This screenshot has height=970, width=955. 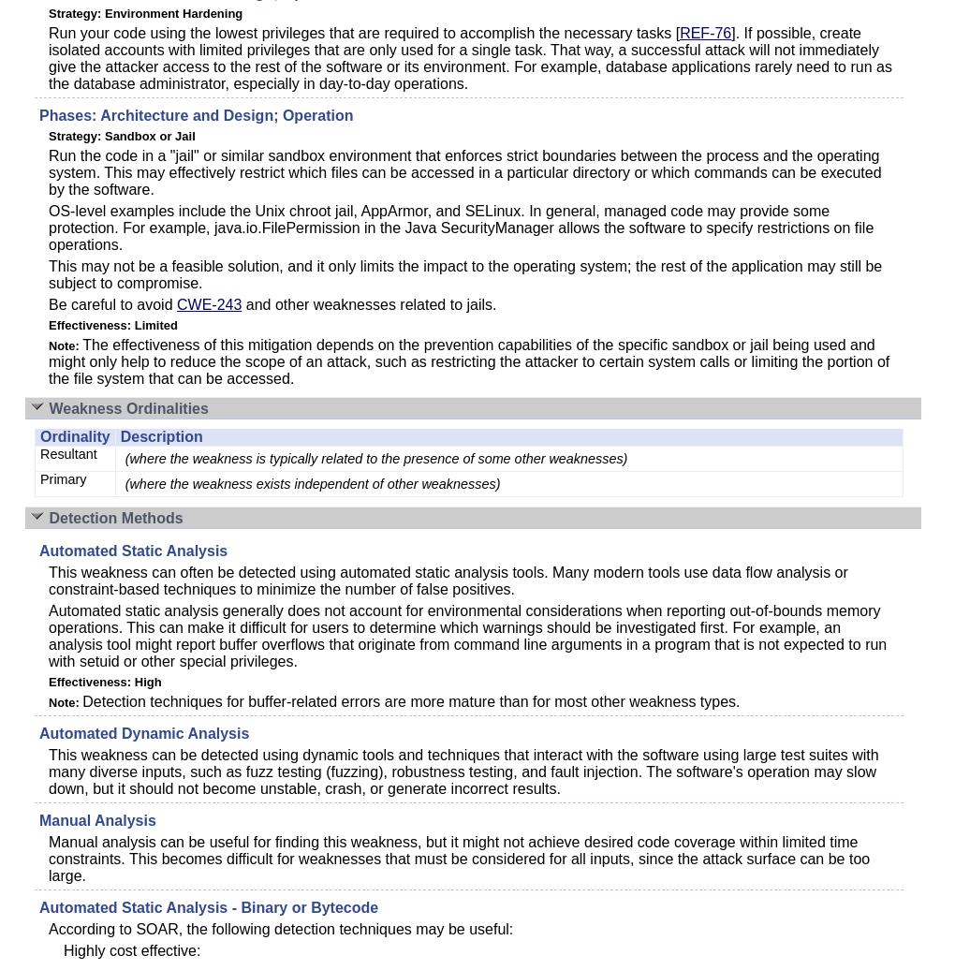 I want to click on 'Strategy:  Environment Hardening', so click(x=145, y=13).